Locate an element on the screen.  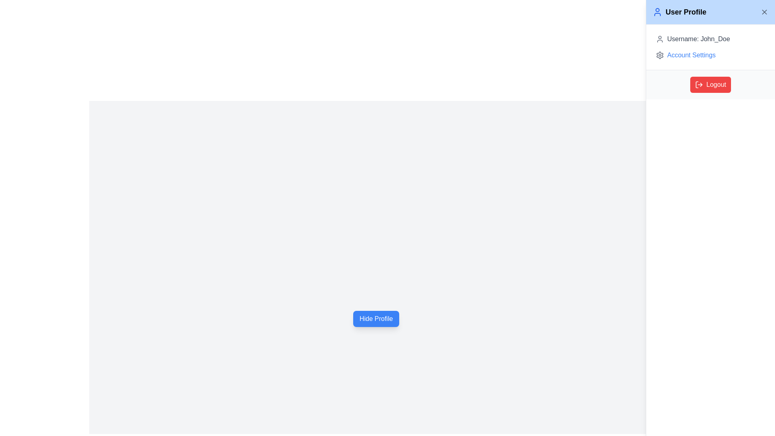
the settings icon located to the immediate left of the 'Account Settings' text is located at coordinates (660, 55).